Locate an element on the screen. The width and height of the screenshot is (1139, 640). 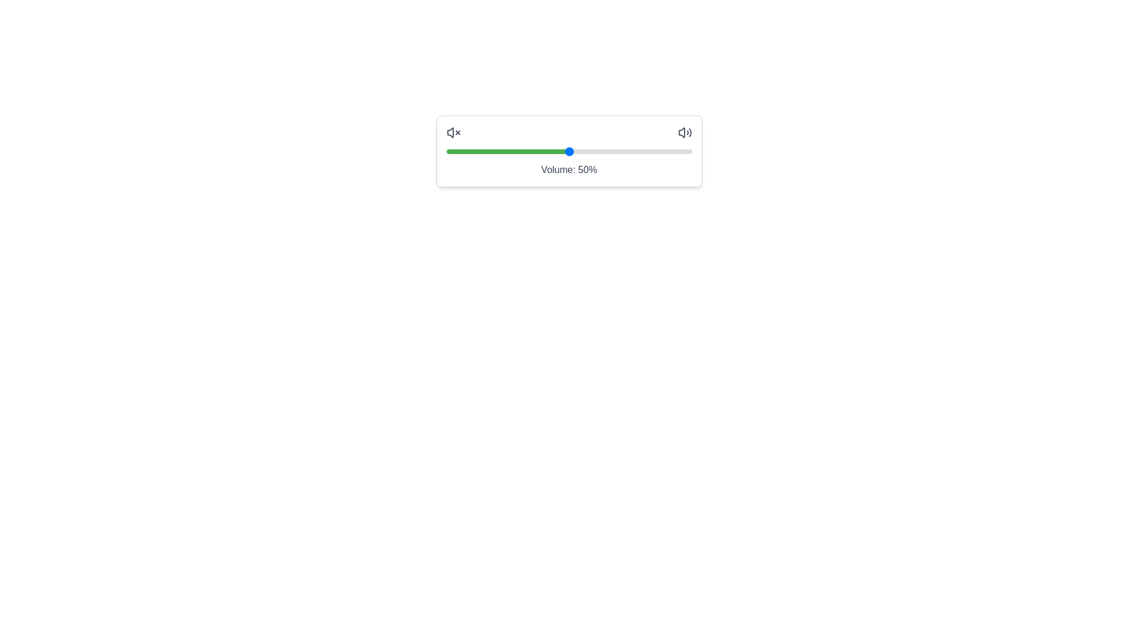
the slider is located at coordinates (527, 151).